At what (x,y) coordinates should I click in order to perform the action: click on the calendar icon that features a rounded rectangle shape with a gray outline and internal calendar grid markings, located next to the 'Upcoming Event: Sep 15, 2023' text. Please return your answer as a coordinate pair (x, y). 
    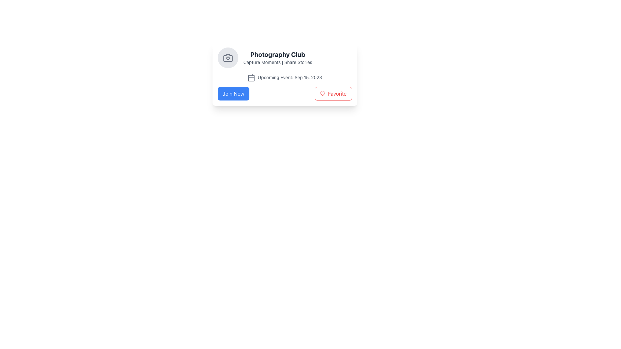
    Looking at the image, I should click on (251, 78).